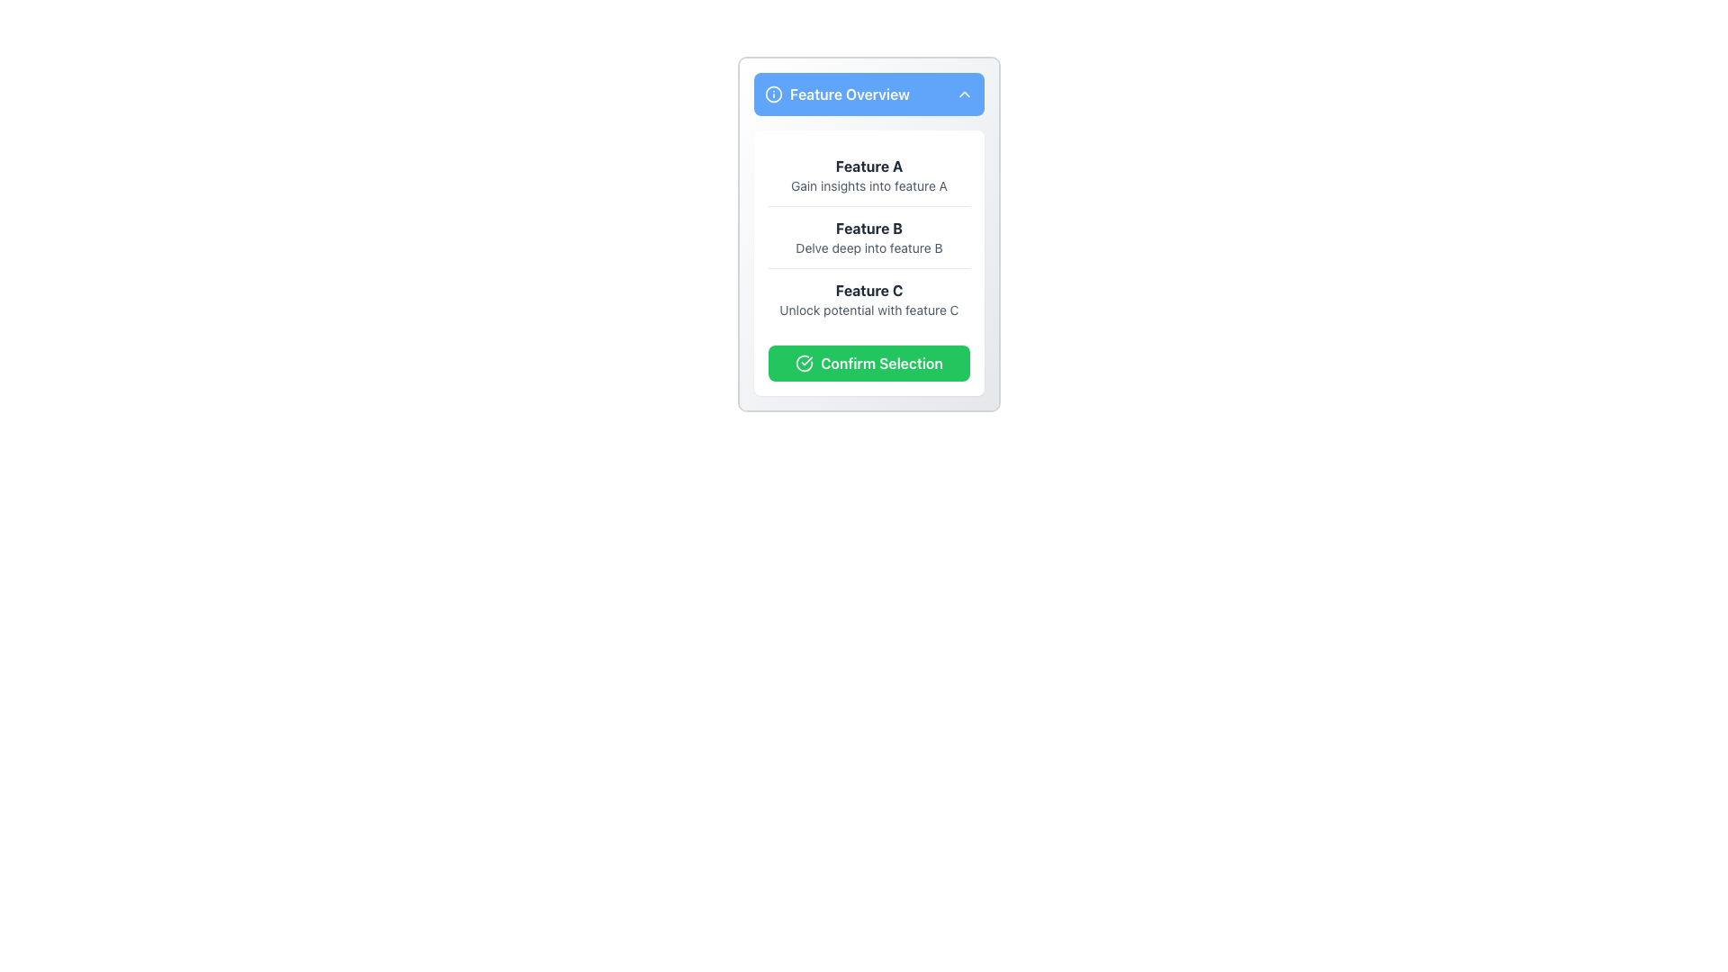  Describe the element at coordinates (849, 94) in the screenshot. I see `the 'Feature Overview' text label which is styled in bold and is located at the top of the layout, adjacent to an information icon and a dropdown arrow` at that location.